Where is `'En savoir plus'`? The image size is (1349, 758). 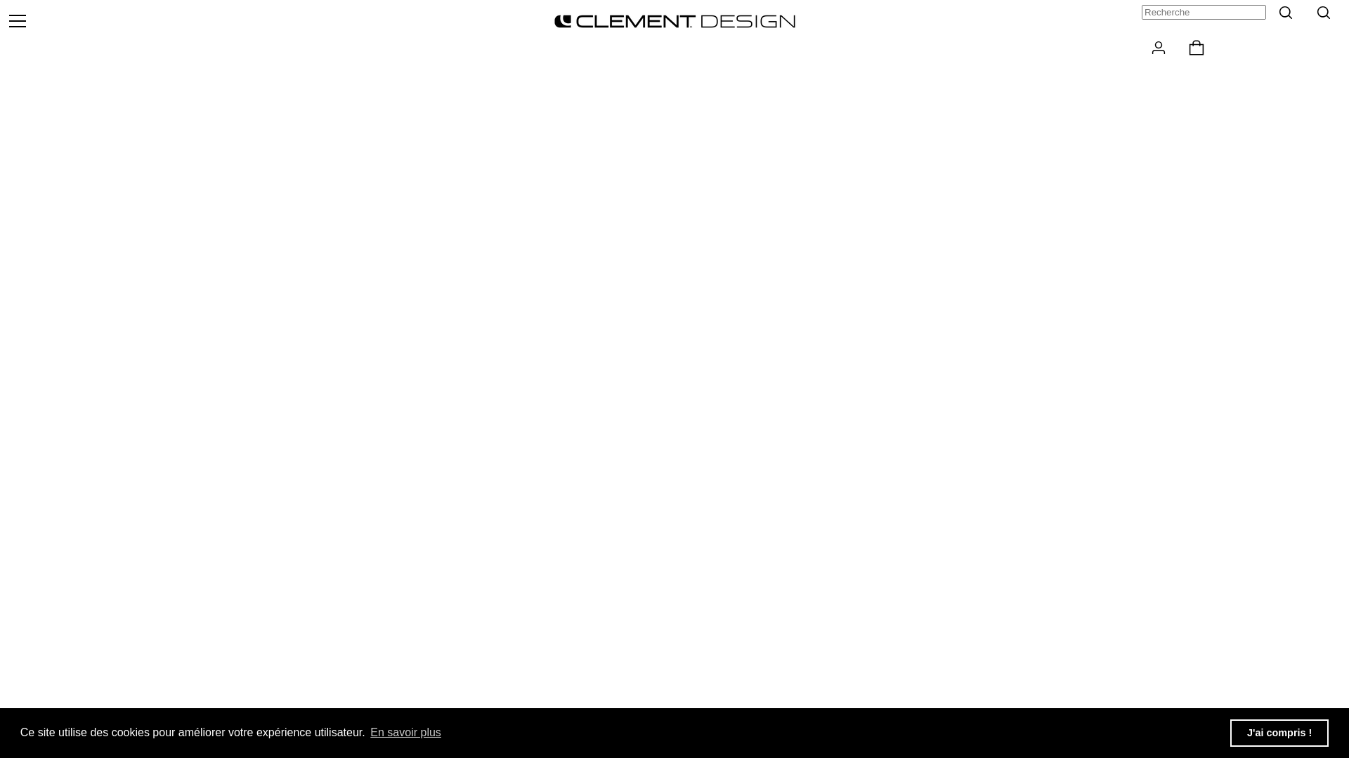 'En savoir plus' is located at coordinates (405, 732).